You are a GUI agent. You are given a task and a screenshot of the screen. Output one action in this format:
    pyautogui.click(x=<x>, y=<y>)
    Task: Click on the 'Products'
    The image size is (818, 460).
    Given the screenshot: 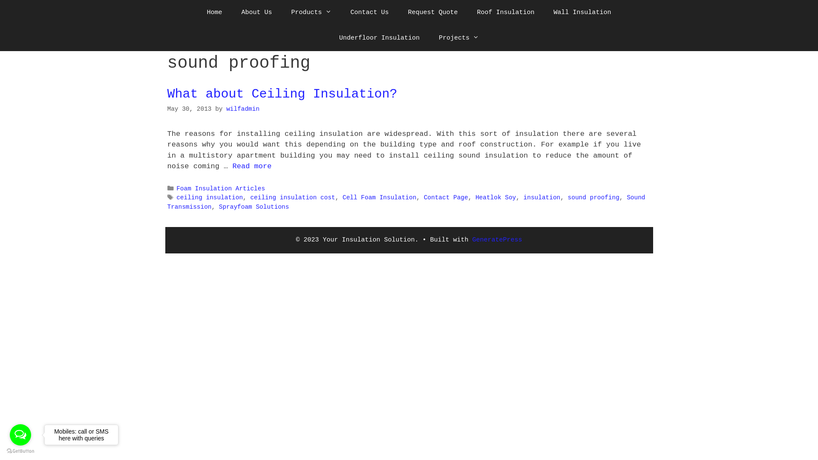 What is the action you would take?
    pyautogui.click(x=311, y=13)
    